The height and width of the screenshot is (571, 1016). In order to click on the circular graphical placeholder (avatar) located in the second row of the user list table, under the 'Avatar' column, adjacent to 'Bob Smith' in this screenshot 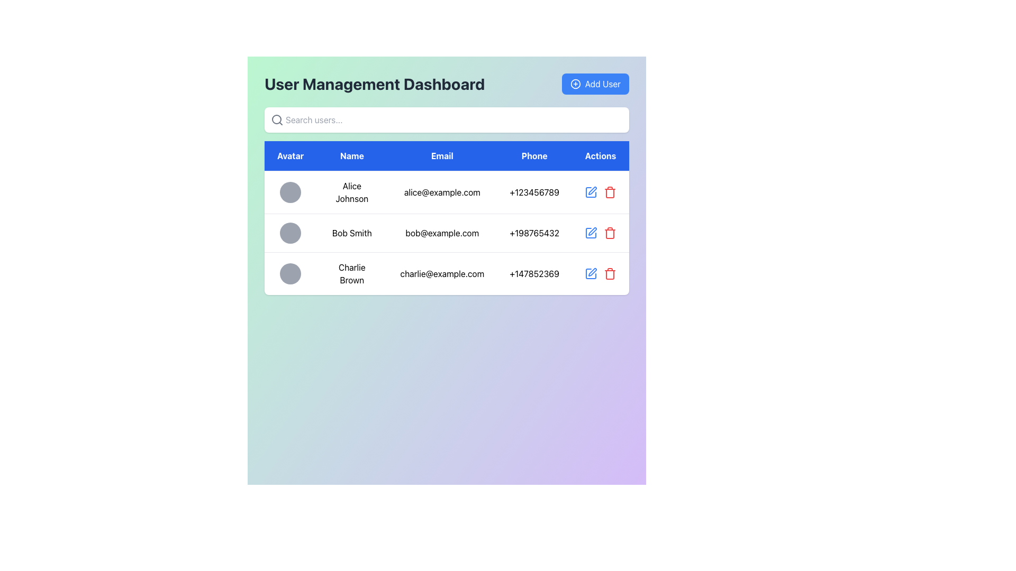, I will do `click(291, 232)`.